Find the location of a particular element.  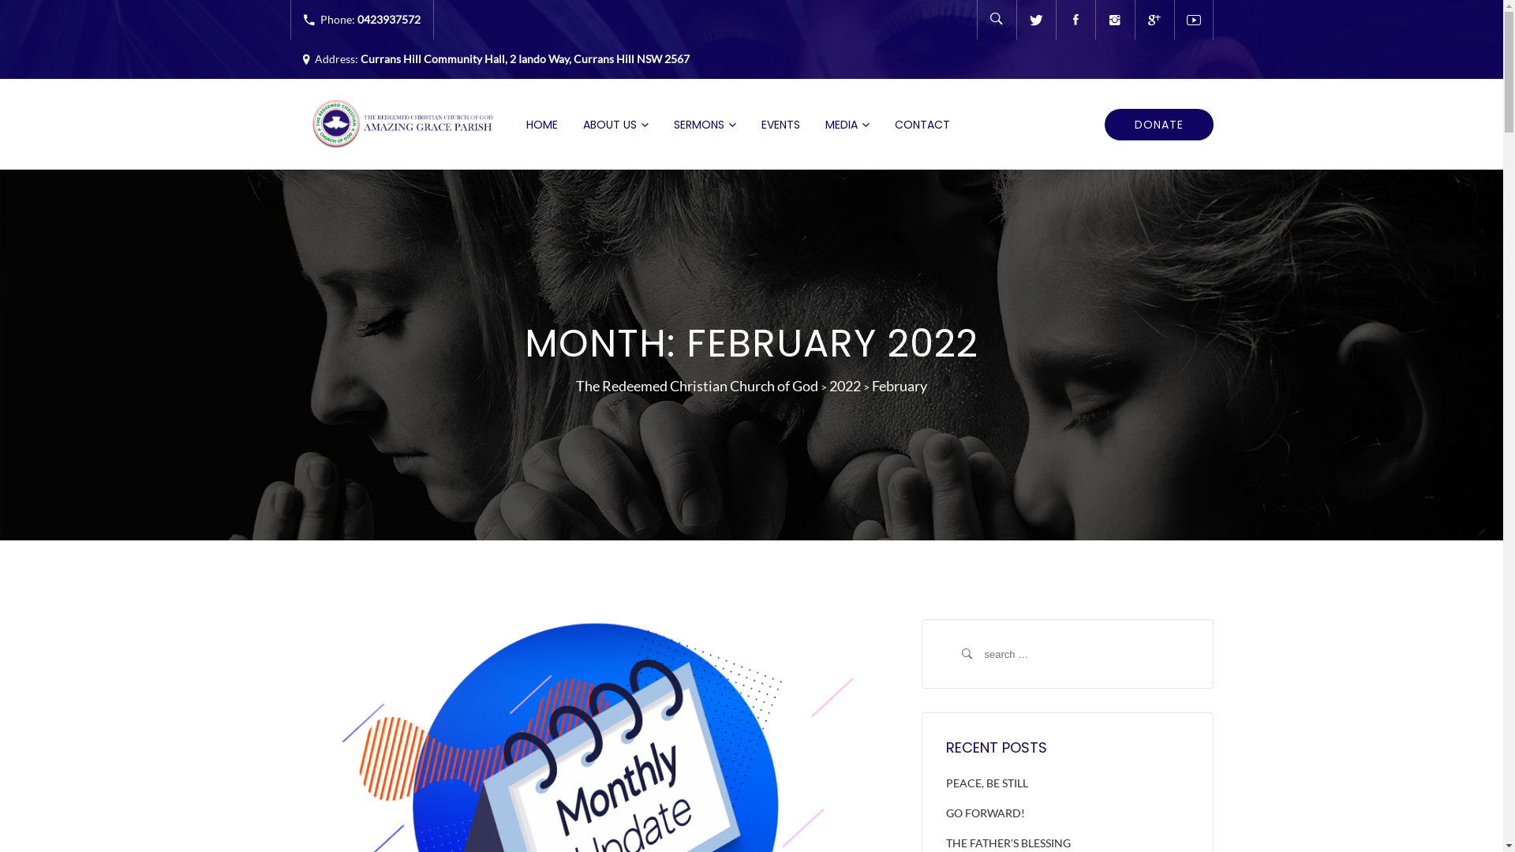

'ABOUT US' is located at coordinates (582, 124).